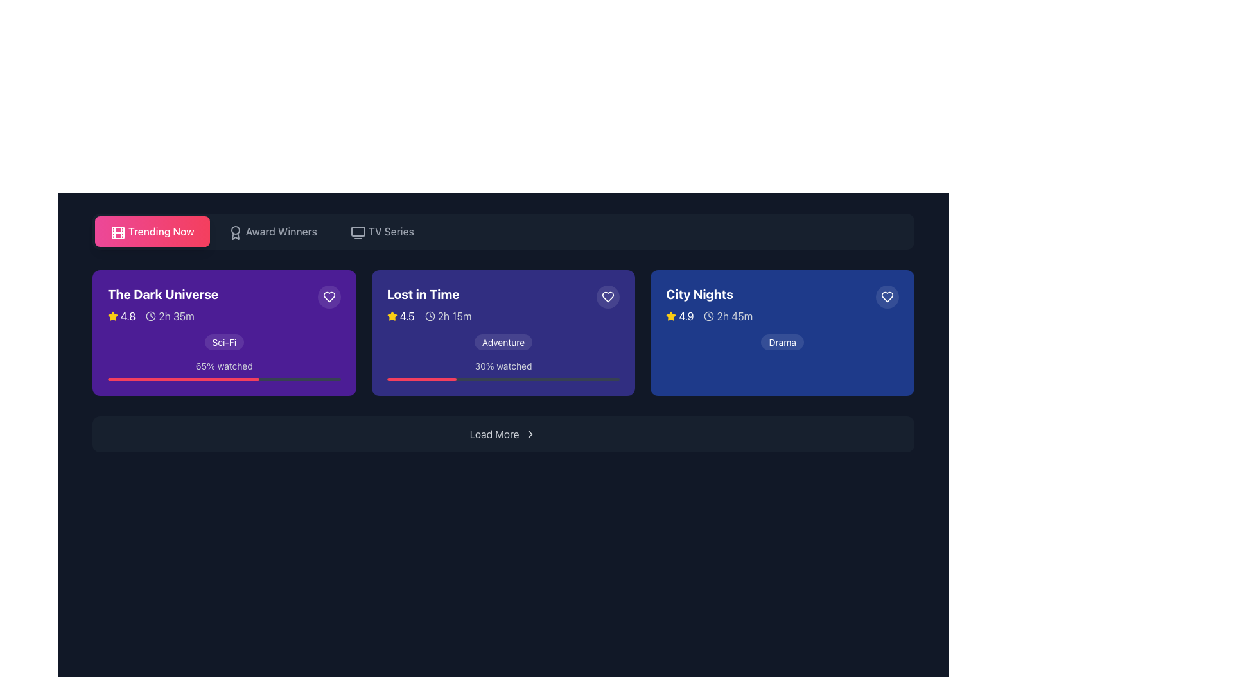  What do you see at coordinates (128, 316) in the screenshot?
I see `the numerical rating value '4.8' displayed in white text next to the yellow star icon within the card labeled 'The Dark Universe'` at bounding box center [128, 316].